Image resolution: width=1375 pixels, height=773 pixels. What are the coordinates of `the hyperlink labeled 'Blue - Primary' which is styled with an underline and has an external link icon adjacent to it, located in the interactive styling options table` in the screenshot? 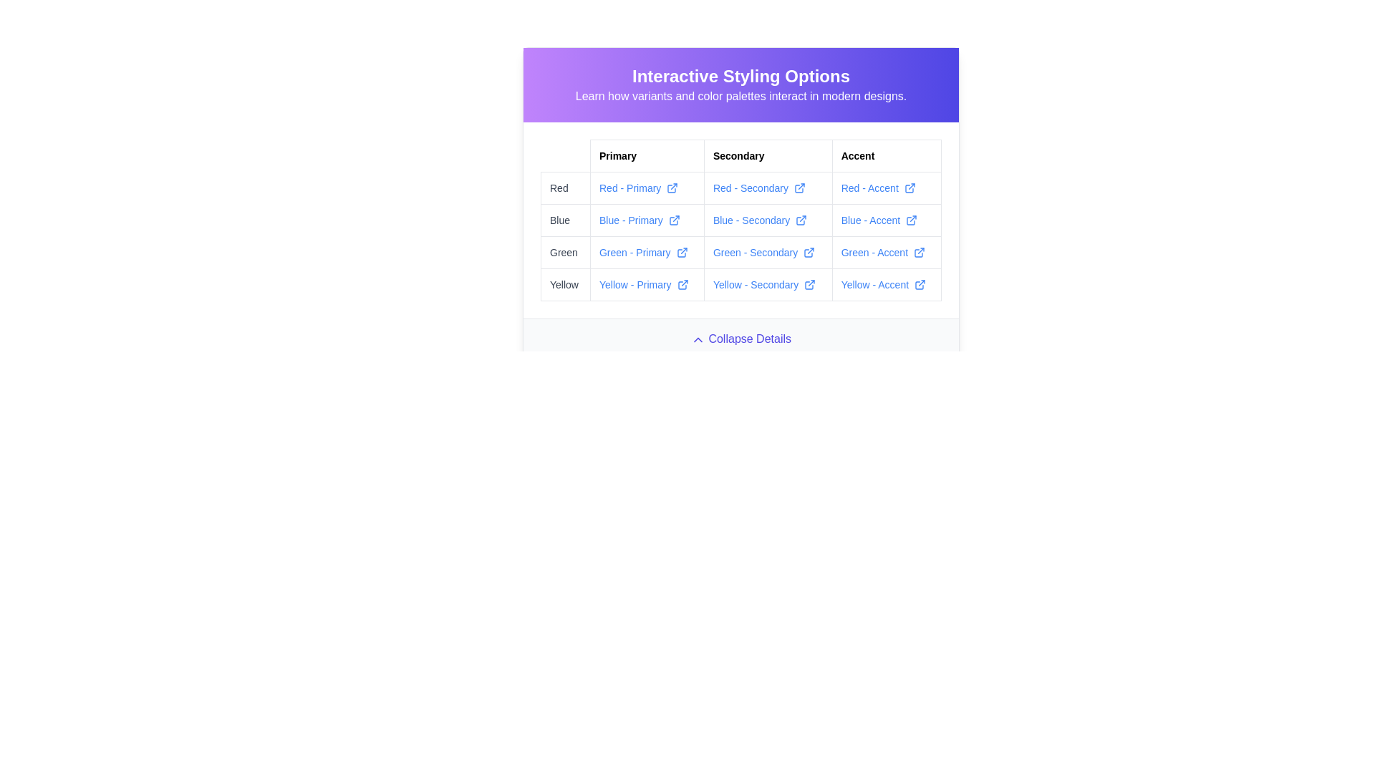 It's located at (638, 220).